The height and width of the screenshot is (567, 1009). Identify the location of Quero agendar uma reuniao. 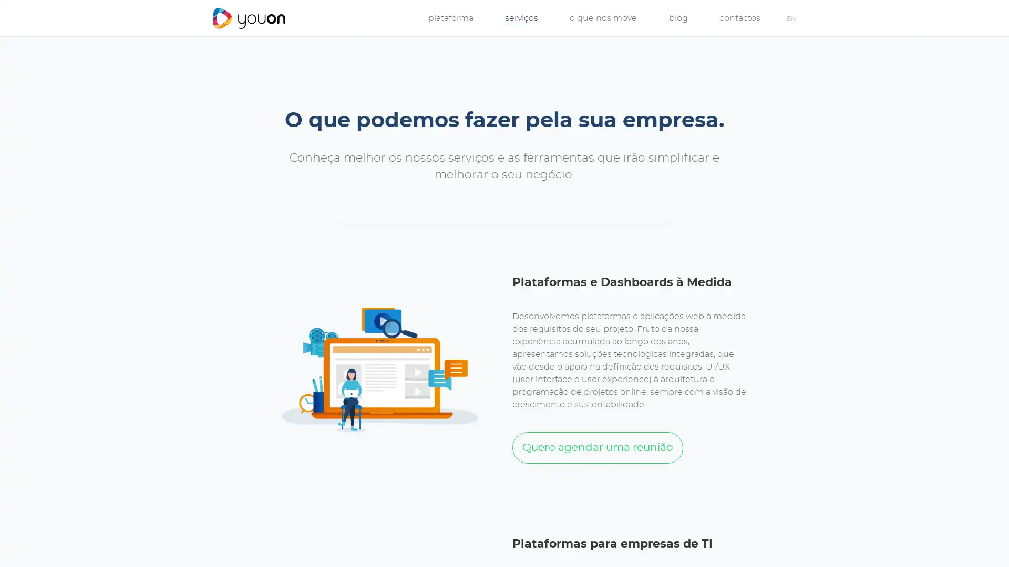
(598, 447).